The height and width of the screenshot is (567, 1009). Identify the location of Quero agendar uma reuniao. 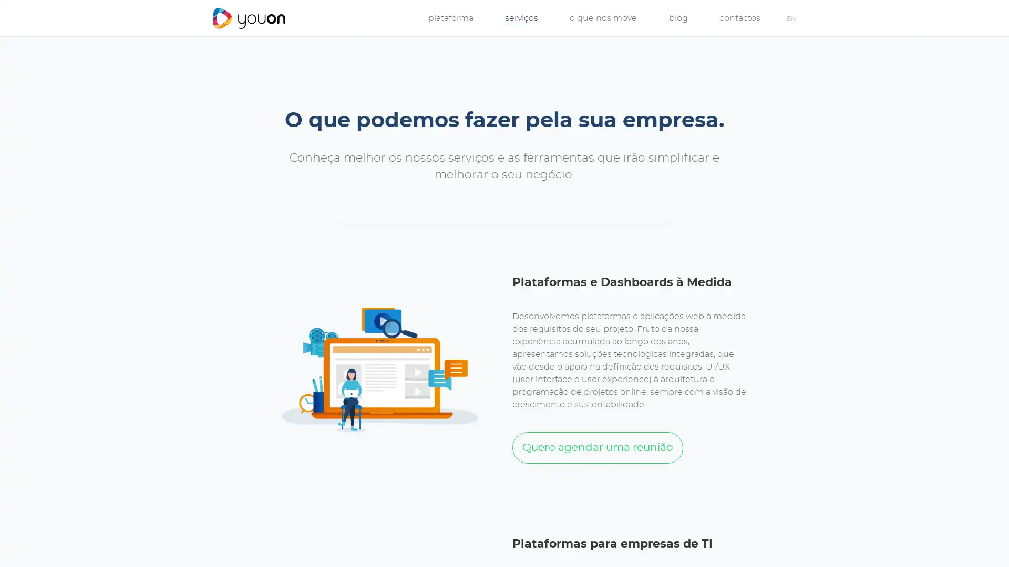
(598, 447).